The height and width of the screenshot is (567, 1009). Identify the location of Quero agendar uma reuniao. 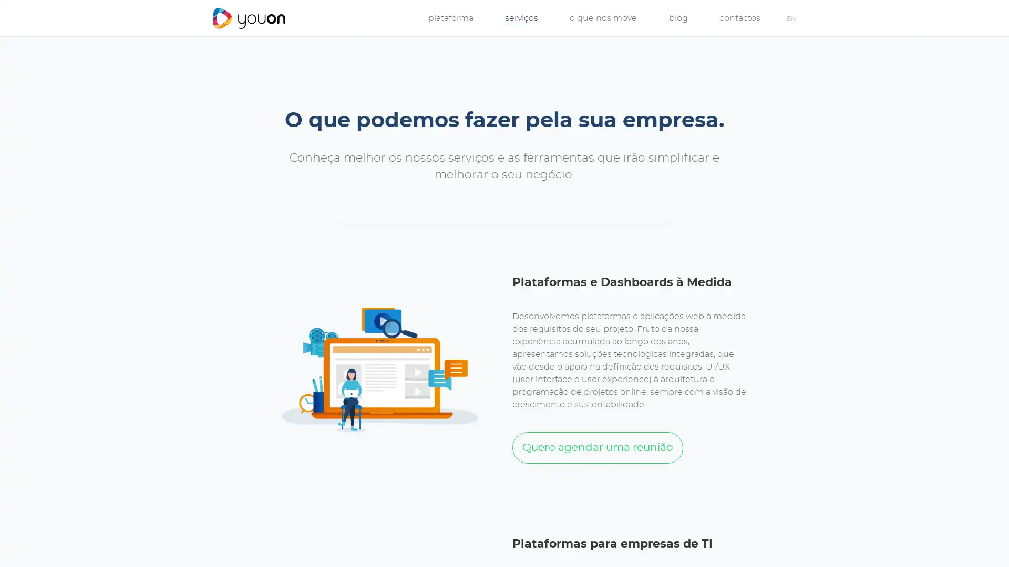
(598, 447).